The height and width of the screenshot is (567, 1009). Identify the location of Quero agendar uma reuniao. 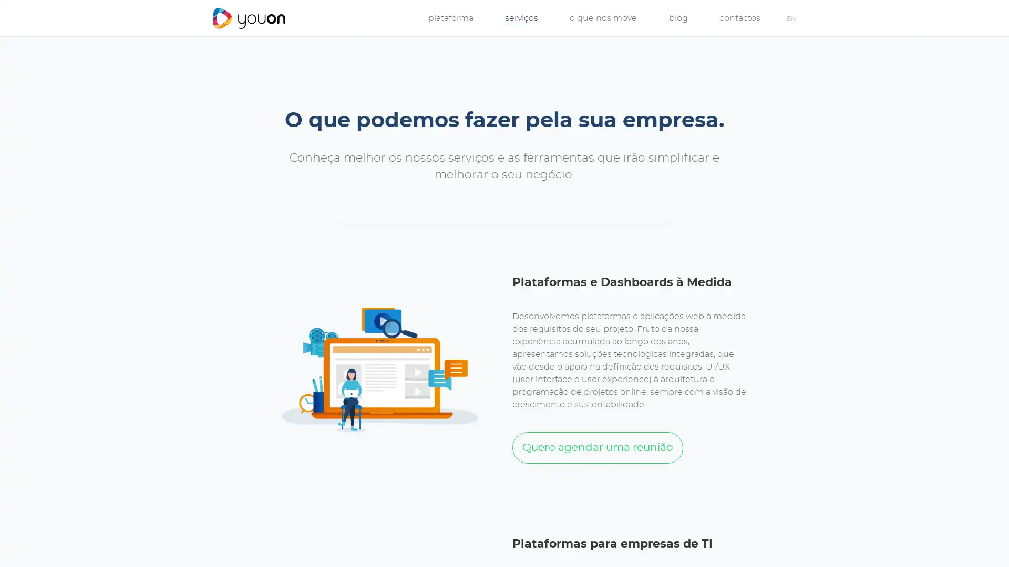
(598, 447).